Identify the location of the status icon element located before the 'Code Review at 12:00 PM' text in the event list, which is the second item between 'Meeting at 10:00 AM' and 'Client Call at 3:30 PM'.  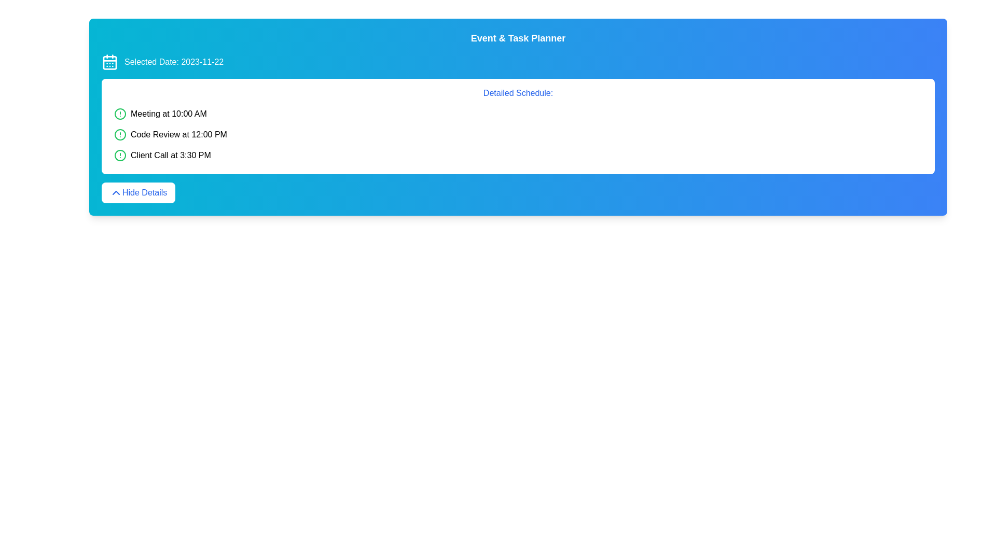
(120, 134).